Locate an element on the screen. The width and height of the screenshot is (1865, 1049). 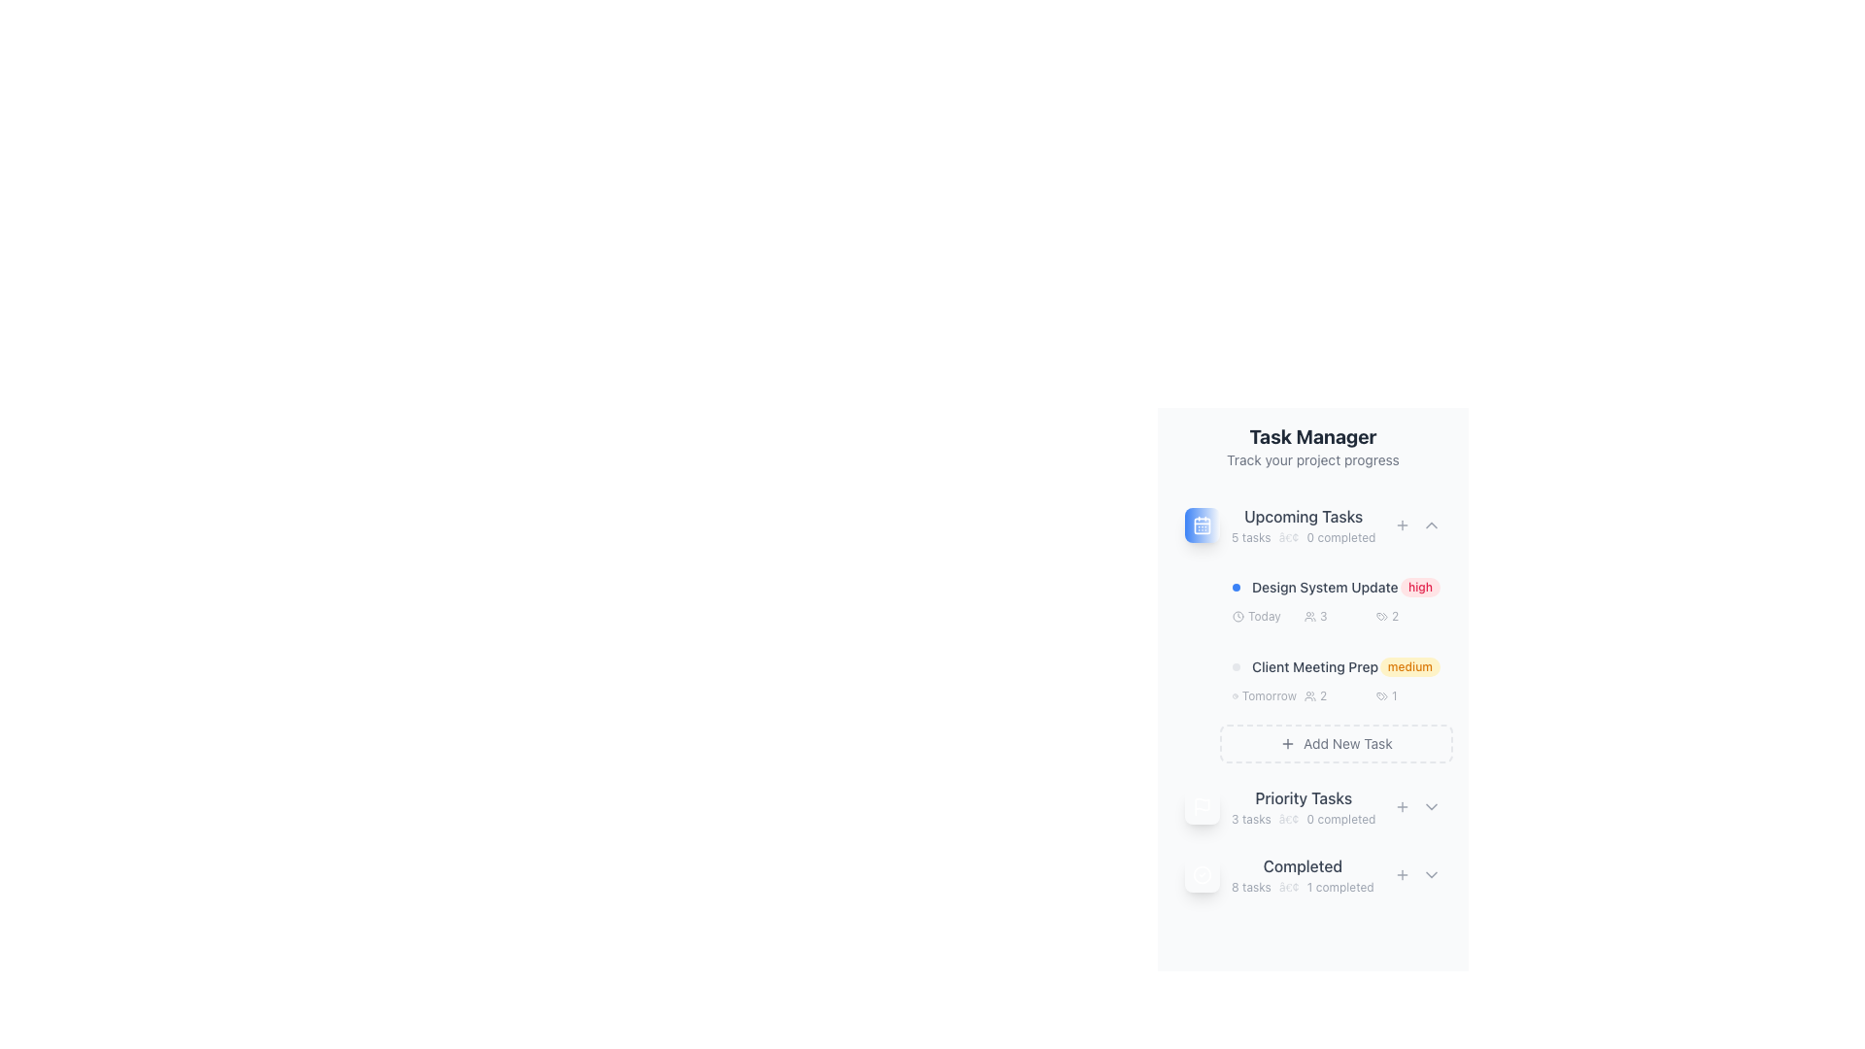
the Priority indicator label indicating 'high' importance for the 'Design System Update' task in the 'Task Manager' interface, located at the far right of the task row is located at coordinates (1420, 587).